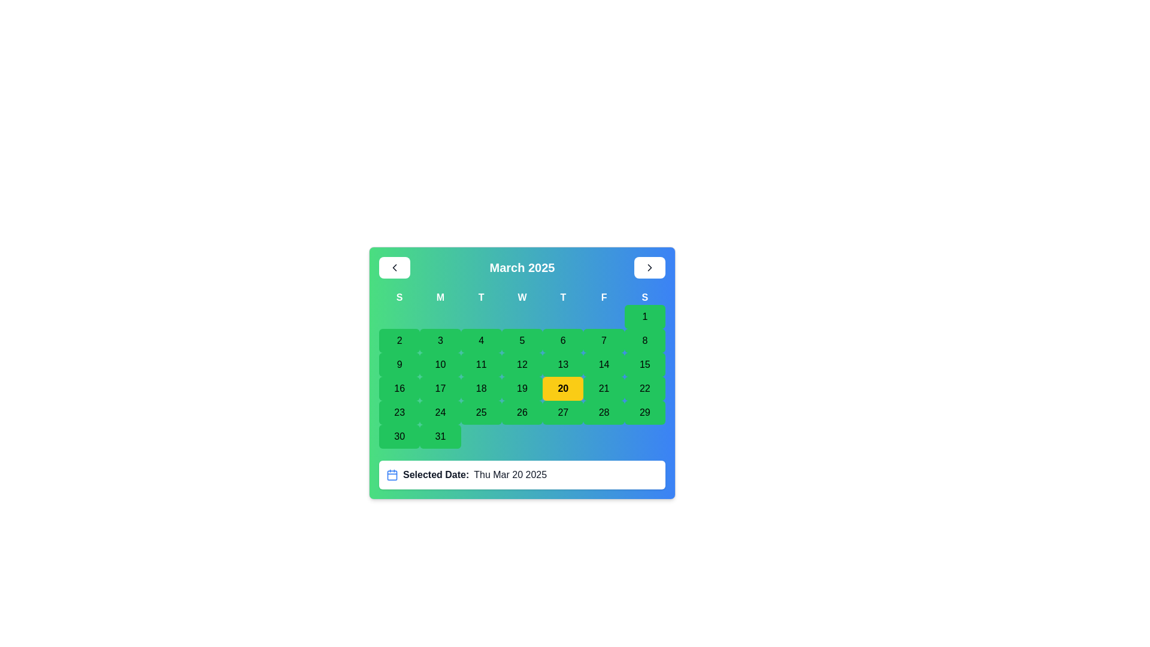 Image resolution: width=1150 pixels, height=647 pixels. I want to click on the empty cell in the calendar grid located in the first row and fourth column, beneath the 'W' for Wednesday, so click(522, 316).